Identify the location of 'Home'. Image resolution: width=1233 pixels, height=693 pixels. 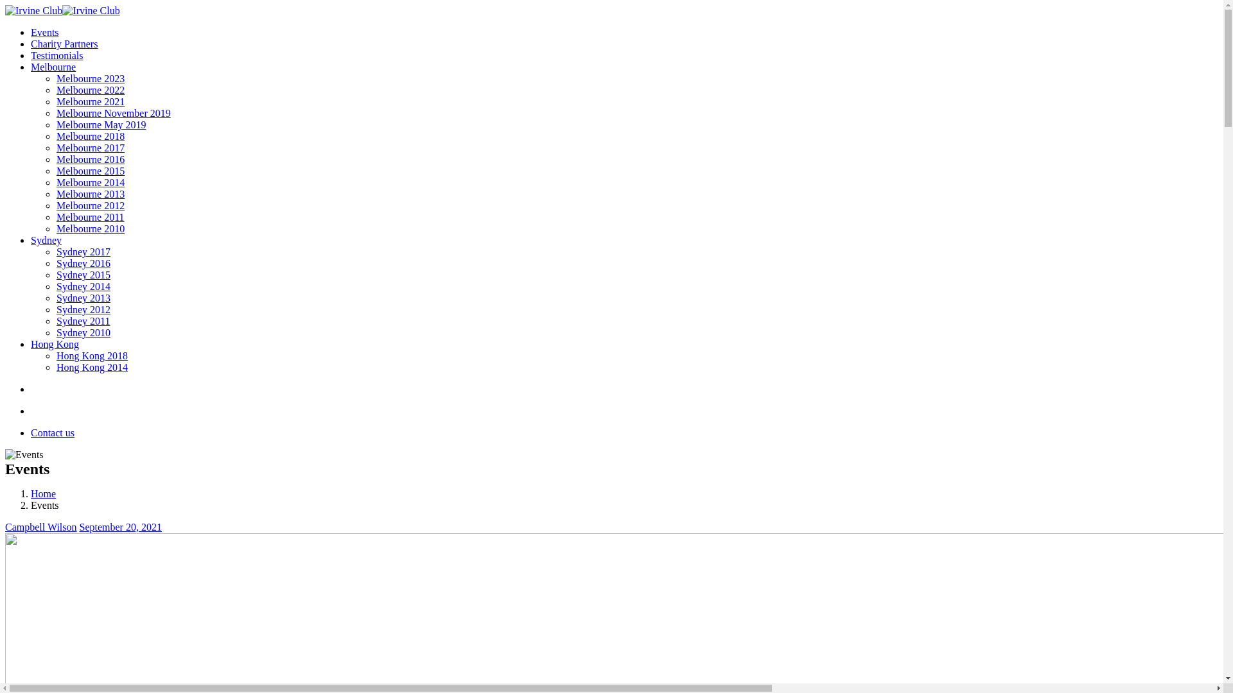
(43, 493).